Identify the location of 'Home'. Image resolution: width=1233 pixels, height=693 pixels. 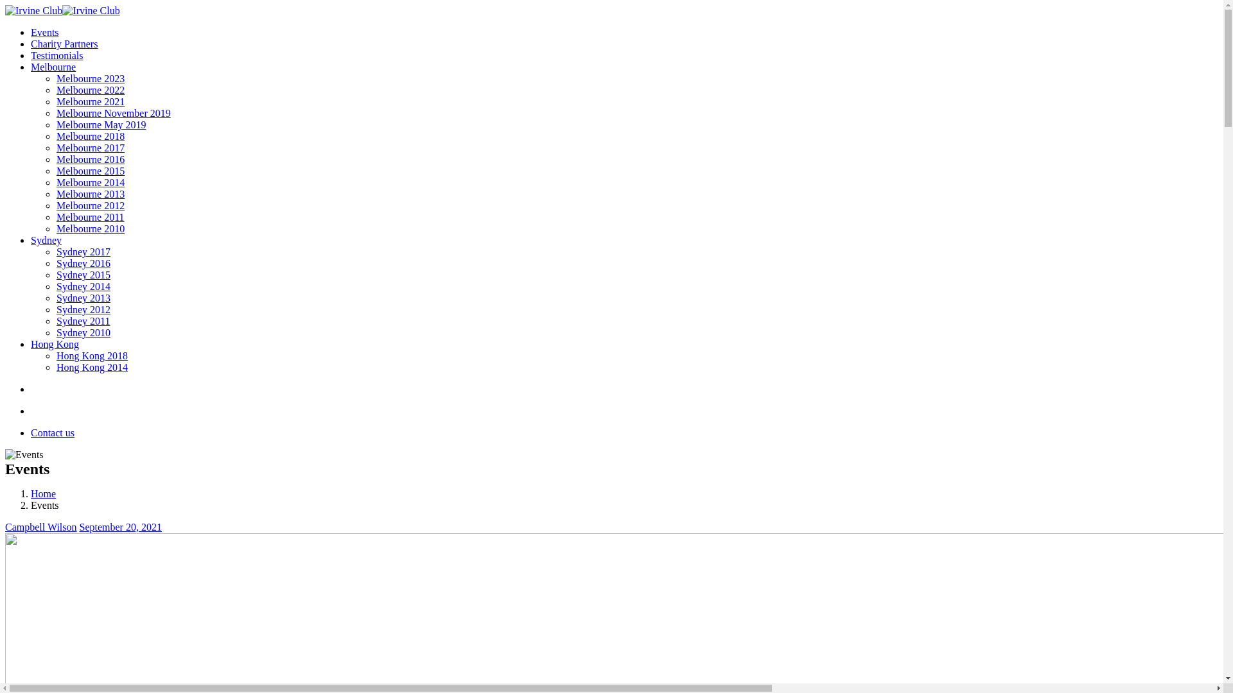
(43, 493).